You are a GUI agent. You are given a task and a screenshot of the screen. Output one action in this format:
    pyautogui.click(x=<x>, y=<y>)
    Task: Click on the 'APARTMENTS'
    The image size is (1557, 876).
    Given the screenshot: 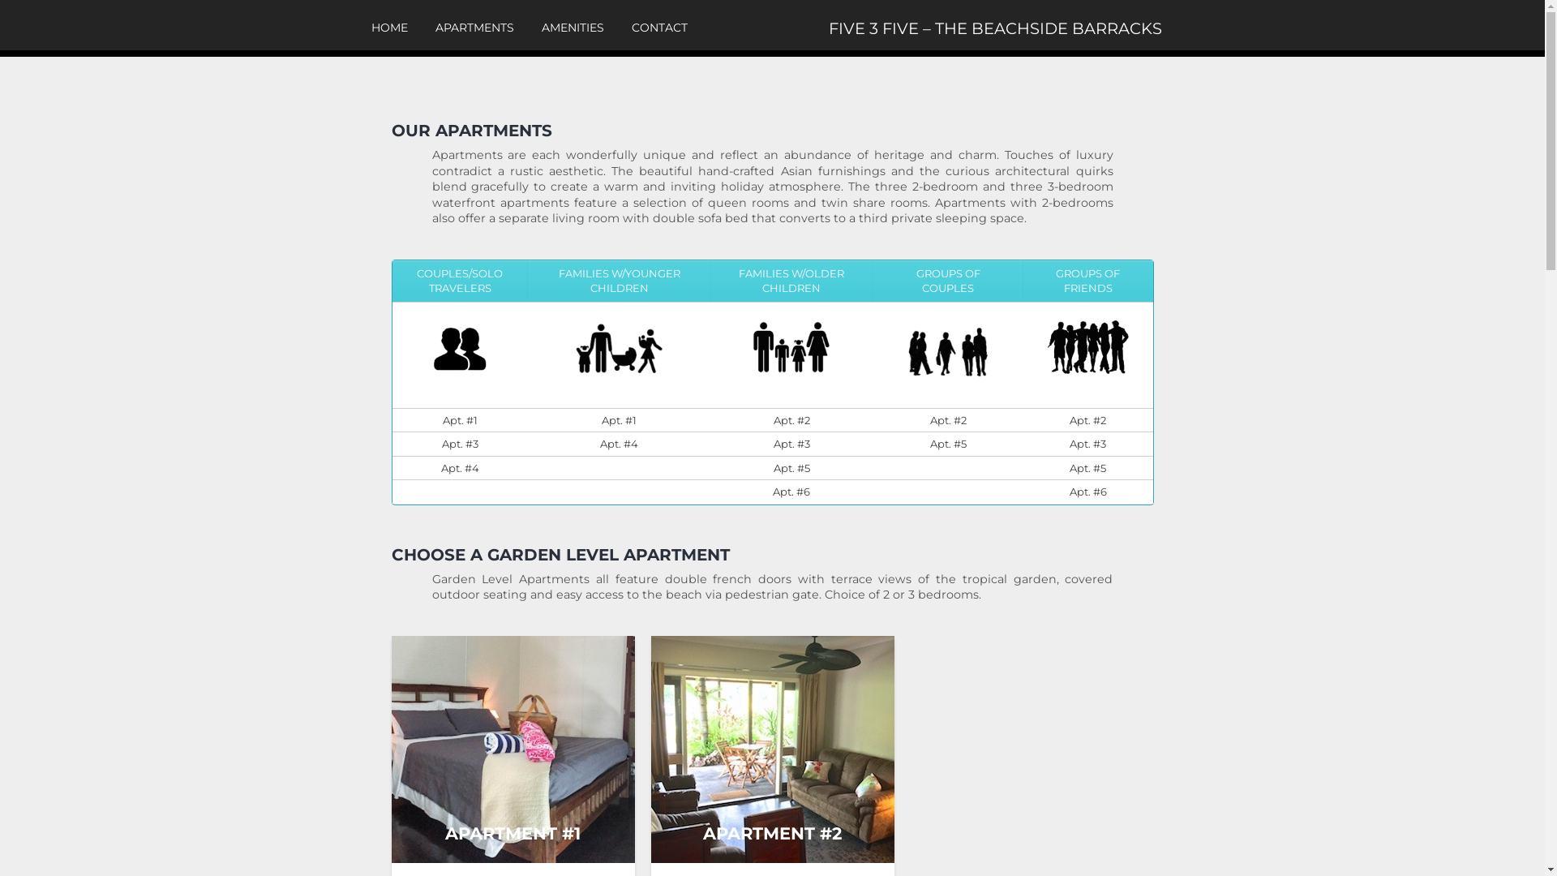 What is the action you would take?
    pyautogui.click(x=473, y=28)
    